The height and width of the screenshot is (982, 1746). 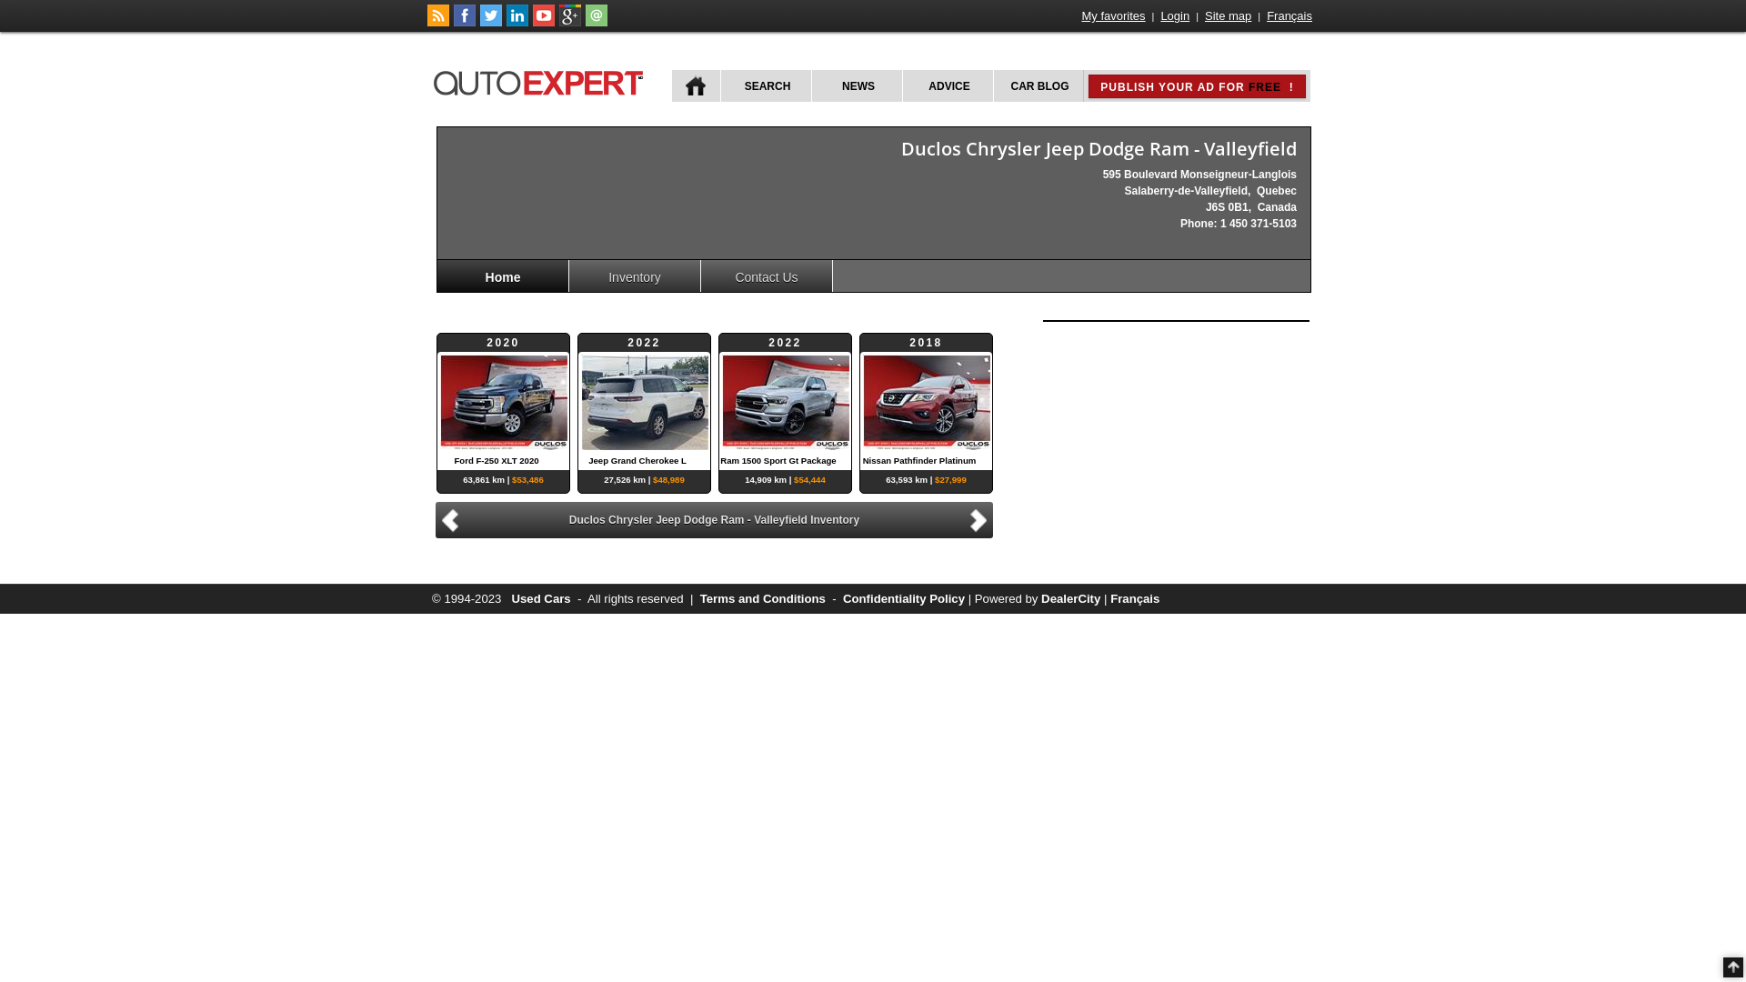 I want to click on 'Confidentiality Policy', so click(x=903, y=598).